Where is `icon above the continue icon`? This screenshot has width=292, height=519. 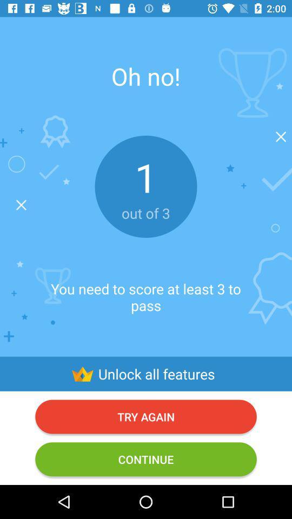 icon above the continue icon is located at coordinates (146, 416).